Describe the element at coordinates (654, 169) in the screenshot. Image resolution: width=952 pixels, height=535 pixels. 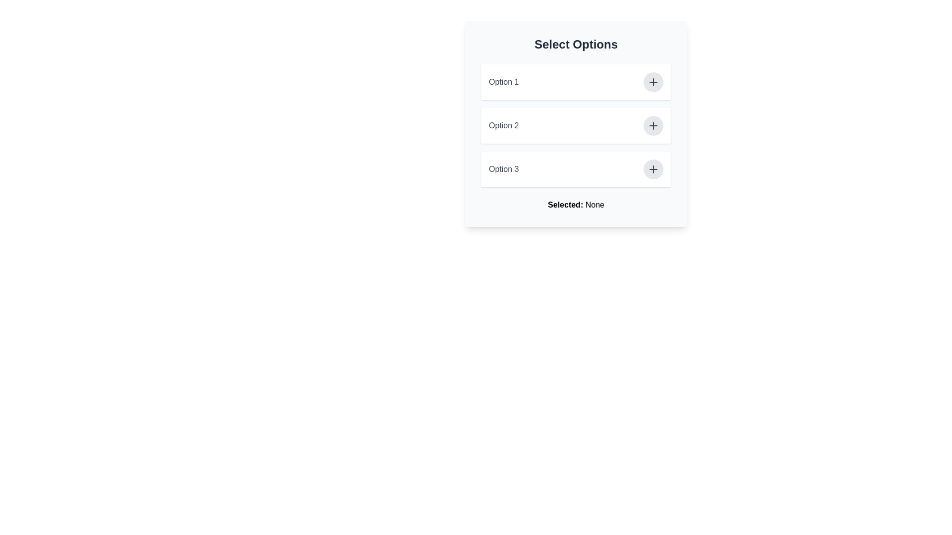
I see `the button labeled 'Option 3' located to the right of the text within the 'Select Options' section` at that location.